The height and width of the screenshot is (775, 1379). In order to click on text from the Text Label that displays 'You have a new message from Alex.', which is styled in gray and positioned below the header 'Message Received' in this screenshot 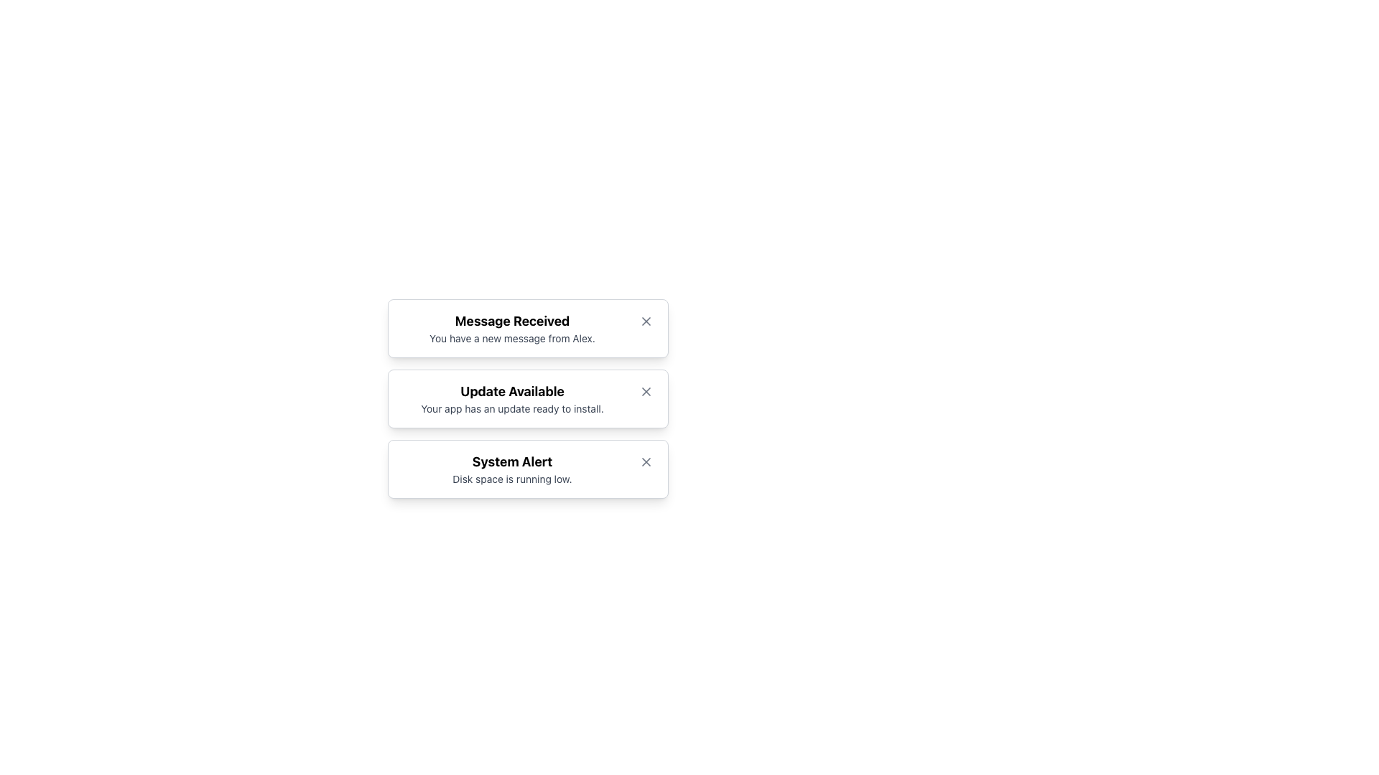, I will do `click(512, 338)`.